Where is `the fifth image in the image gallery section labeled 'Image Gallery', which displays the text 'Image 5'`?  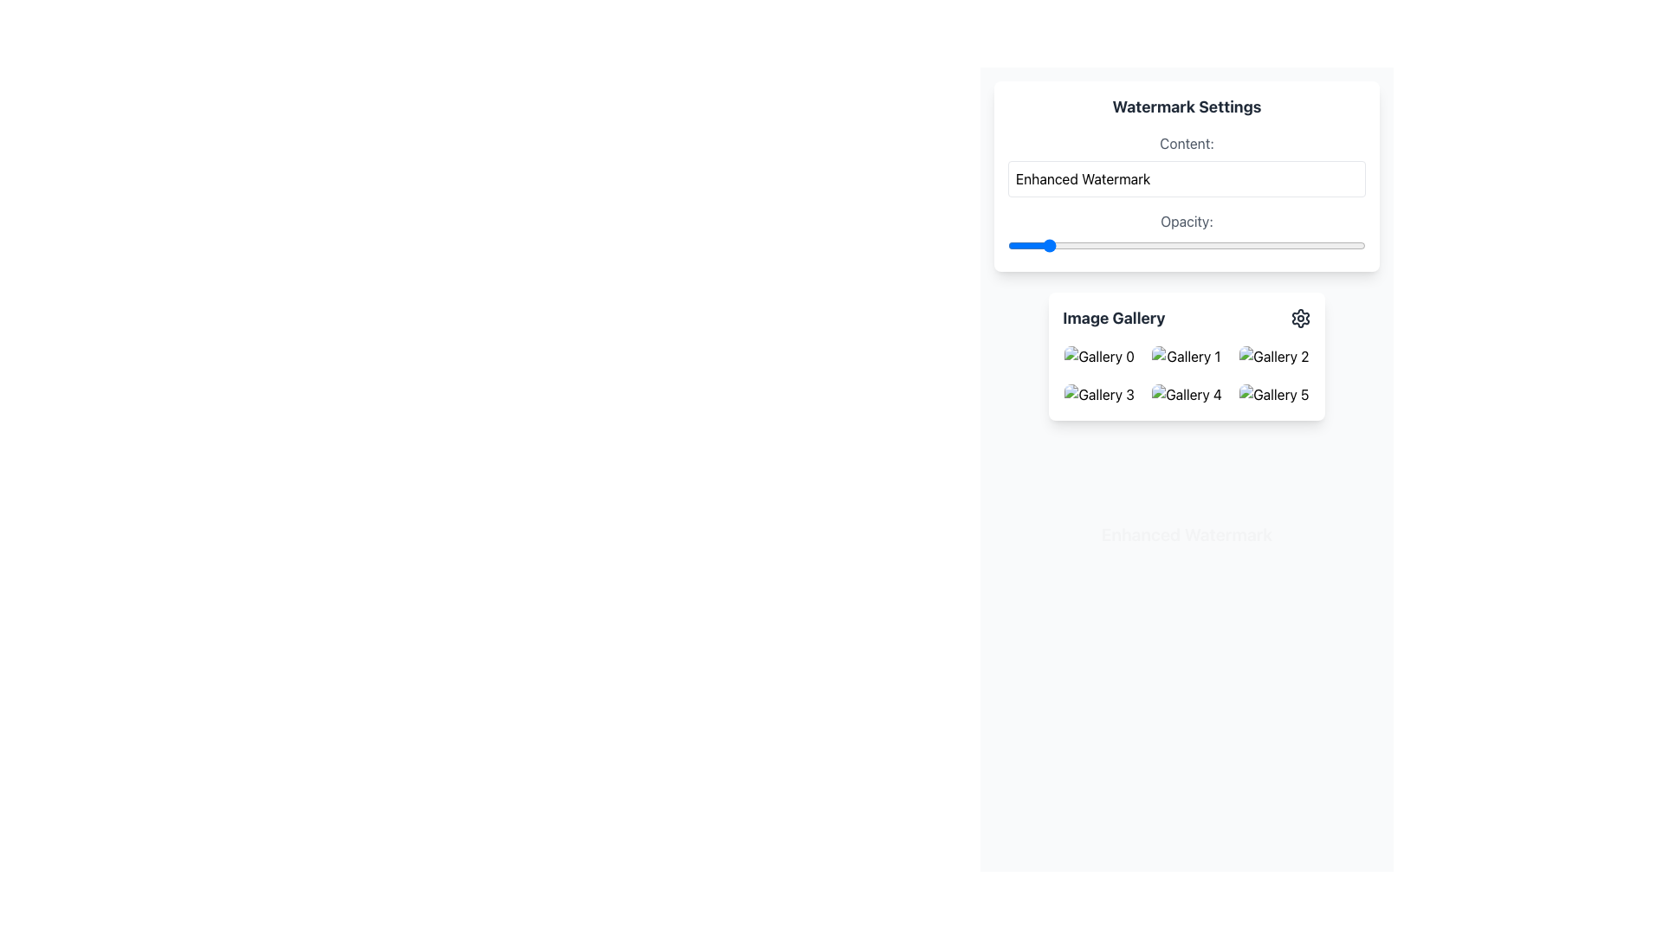
the fifth image in the image gallery section labeled 'Image Gallery', which displays the text 'Image 5' is located at coordinates (1186, 394).